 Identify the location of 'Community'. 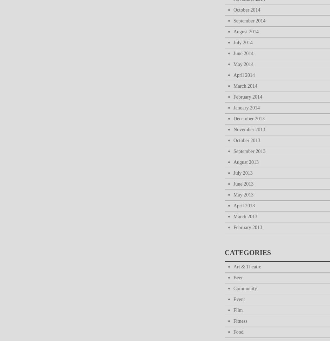
(245, 288).